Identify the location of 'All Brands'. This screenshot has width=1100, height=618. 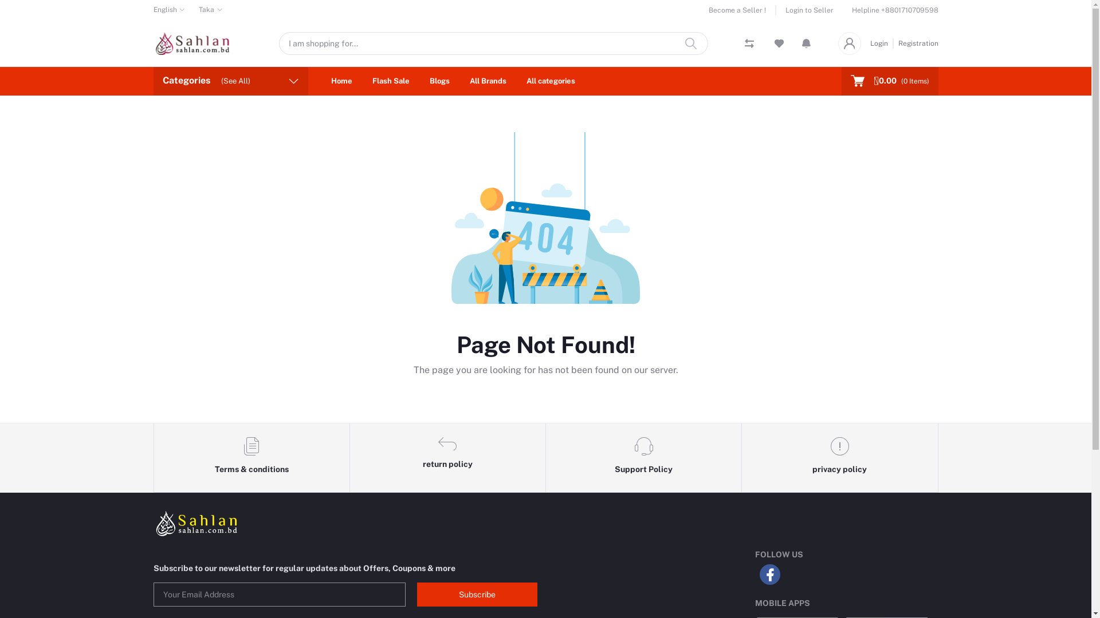
(461, 81).